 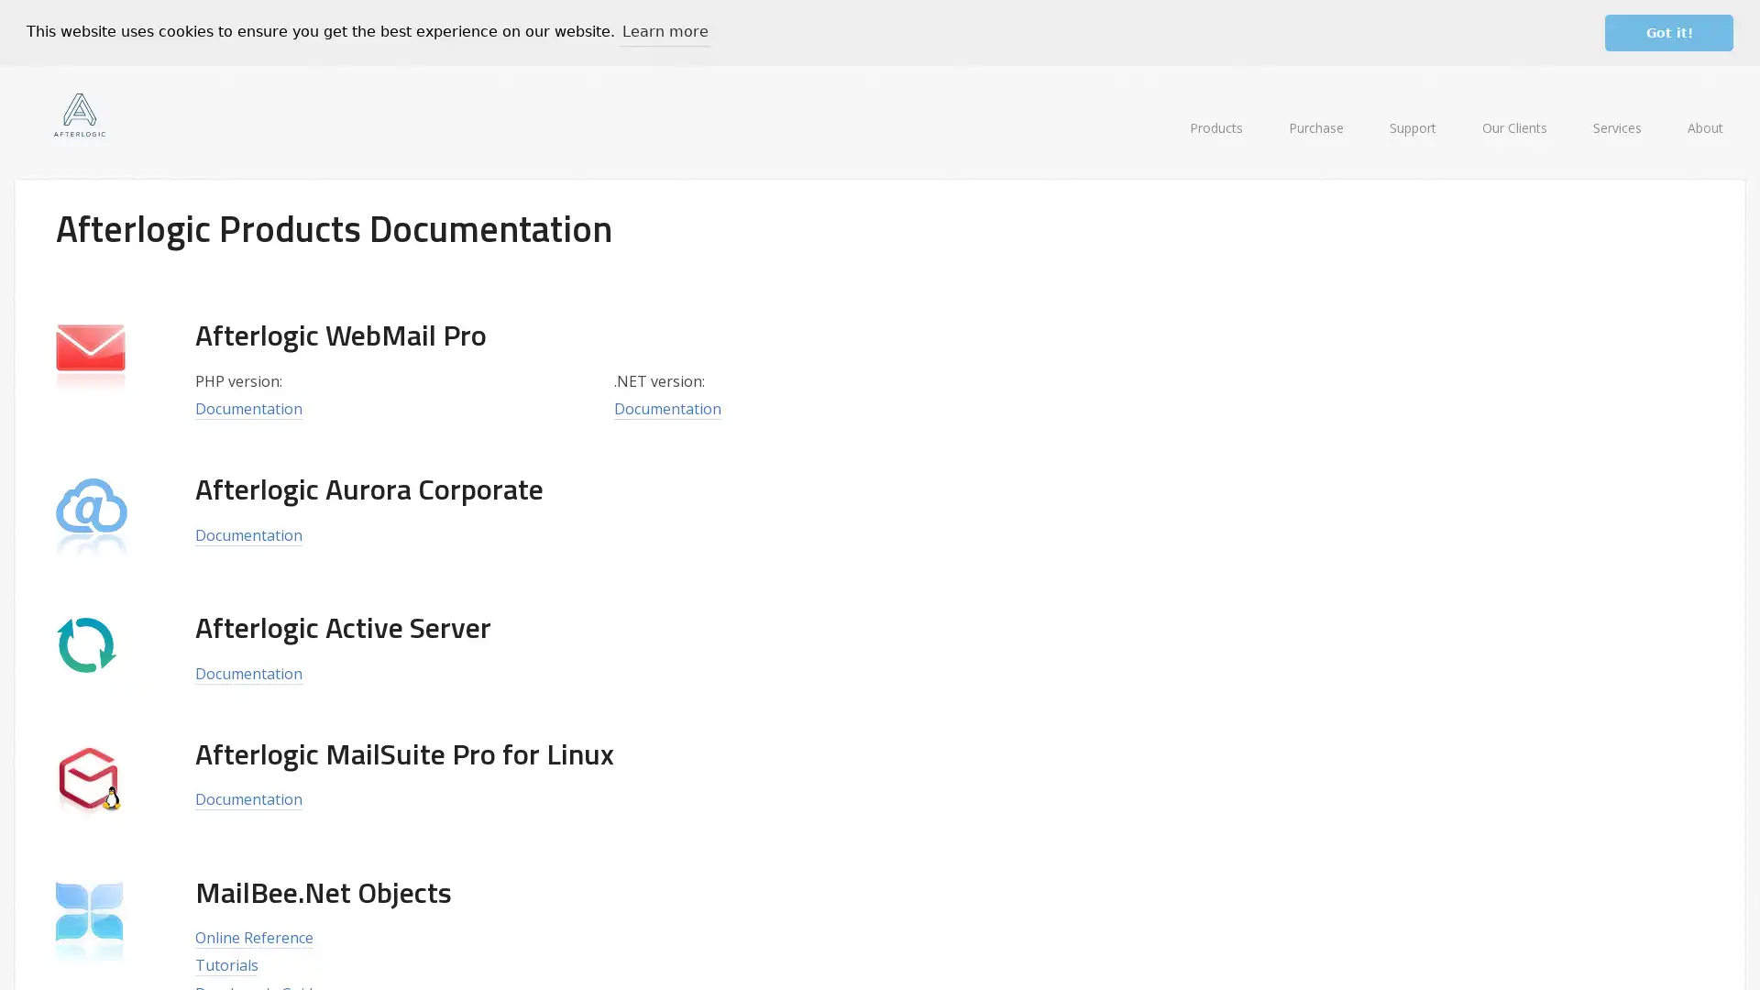 What do you see at coordinates (664, 32) in the screenshot?
I see `learn more about cookies` at bounding box center [664, 32].